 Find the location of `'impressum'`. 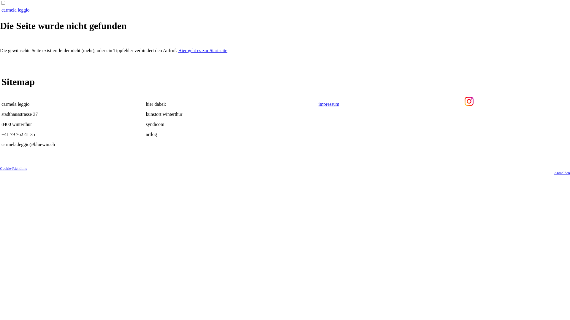

'impressum' is located at coordinates (318, 104).